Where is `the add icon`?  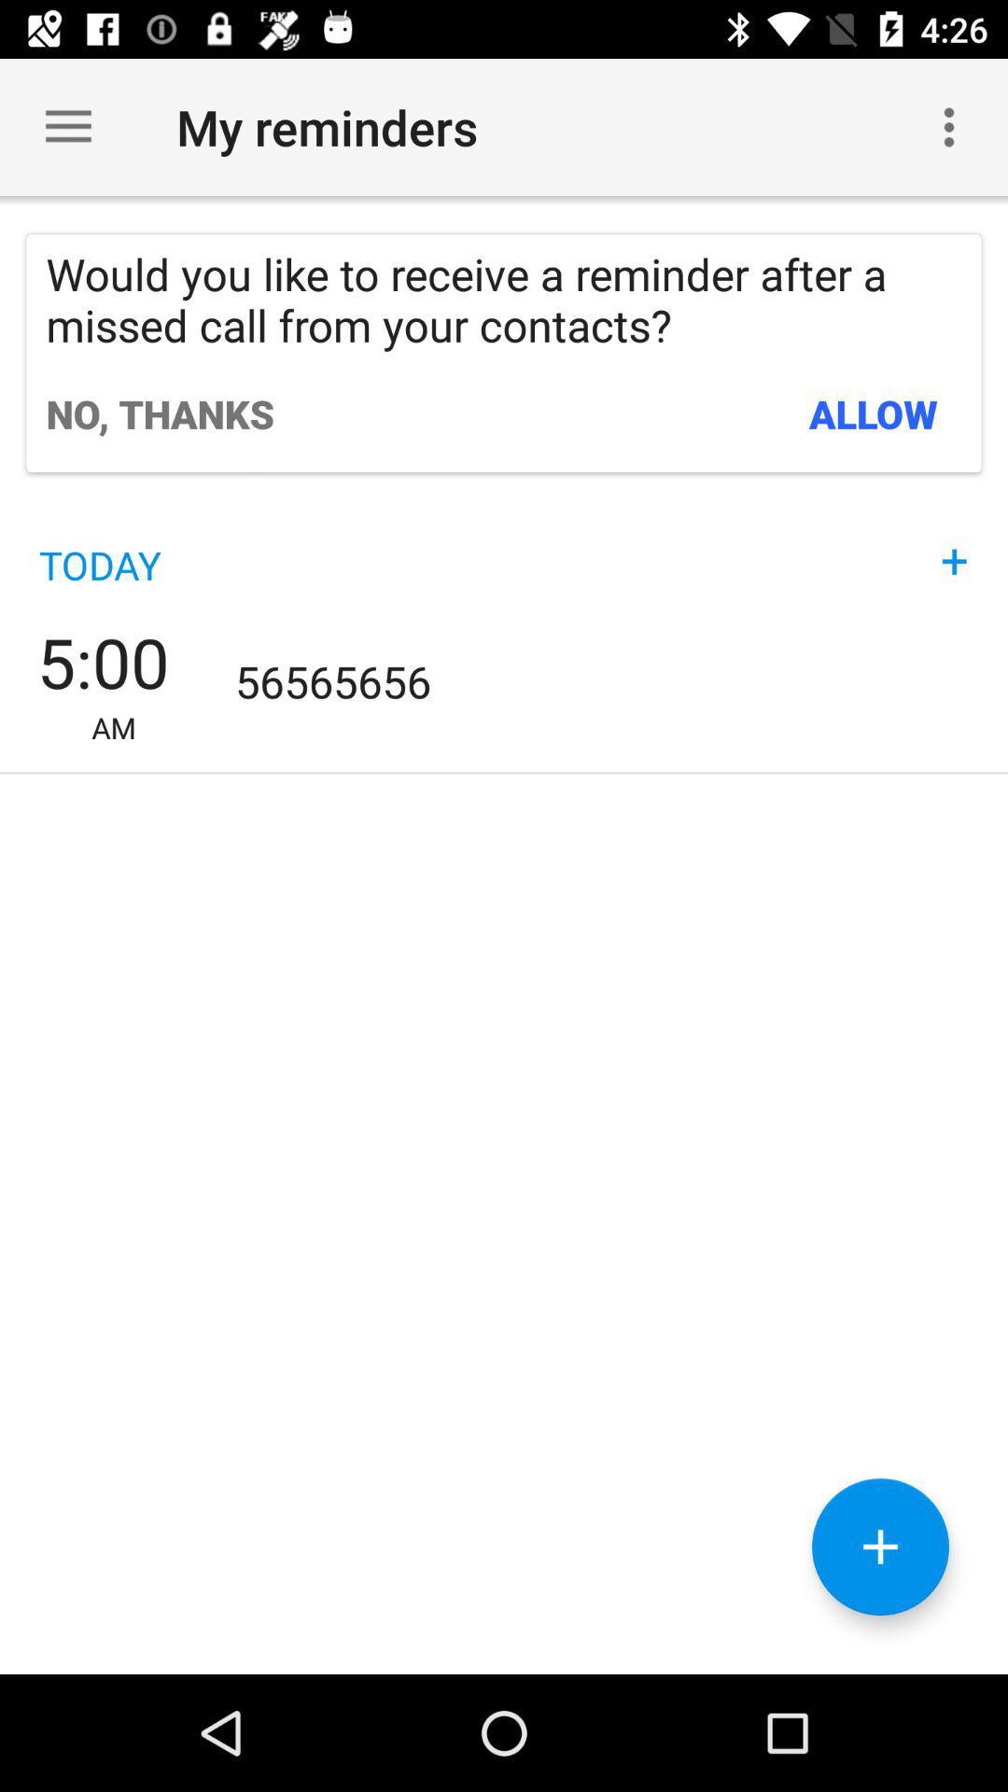
the add icon is located at coordinates (880, 1547).